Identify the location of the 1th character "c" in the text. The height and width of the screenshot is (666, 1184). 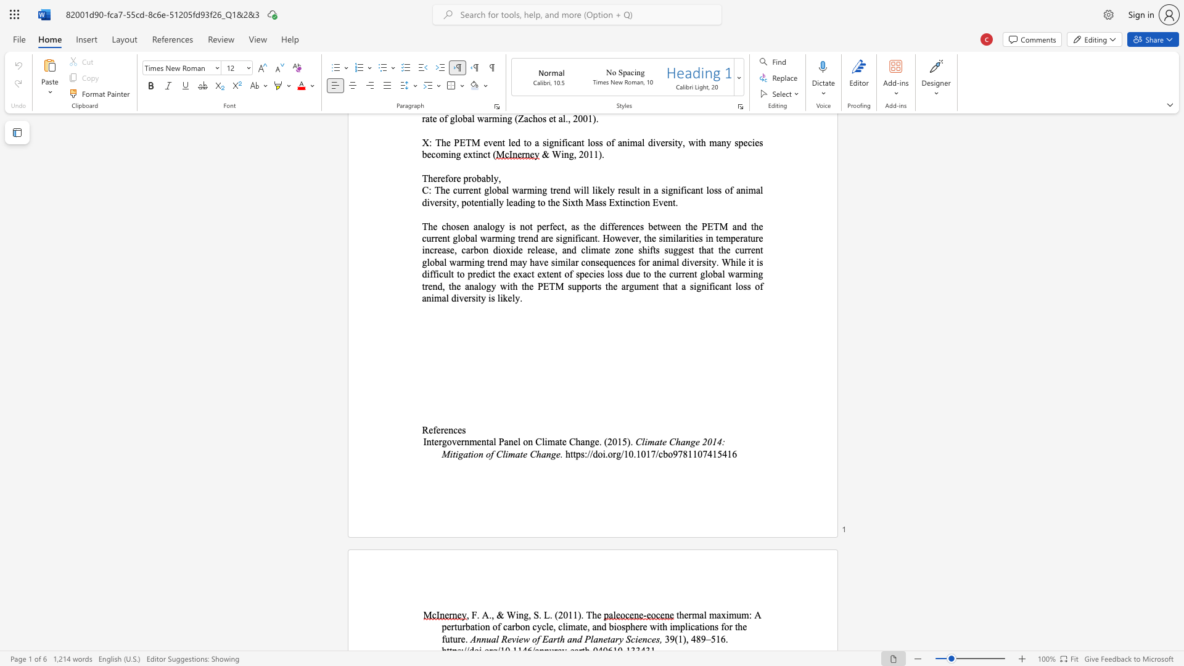
(693, 627).